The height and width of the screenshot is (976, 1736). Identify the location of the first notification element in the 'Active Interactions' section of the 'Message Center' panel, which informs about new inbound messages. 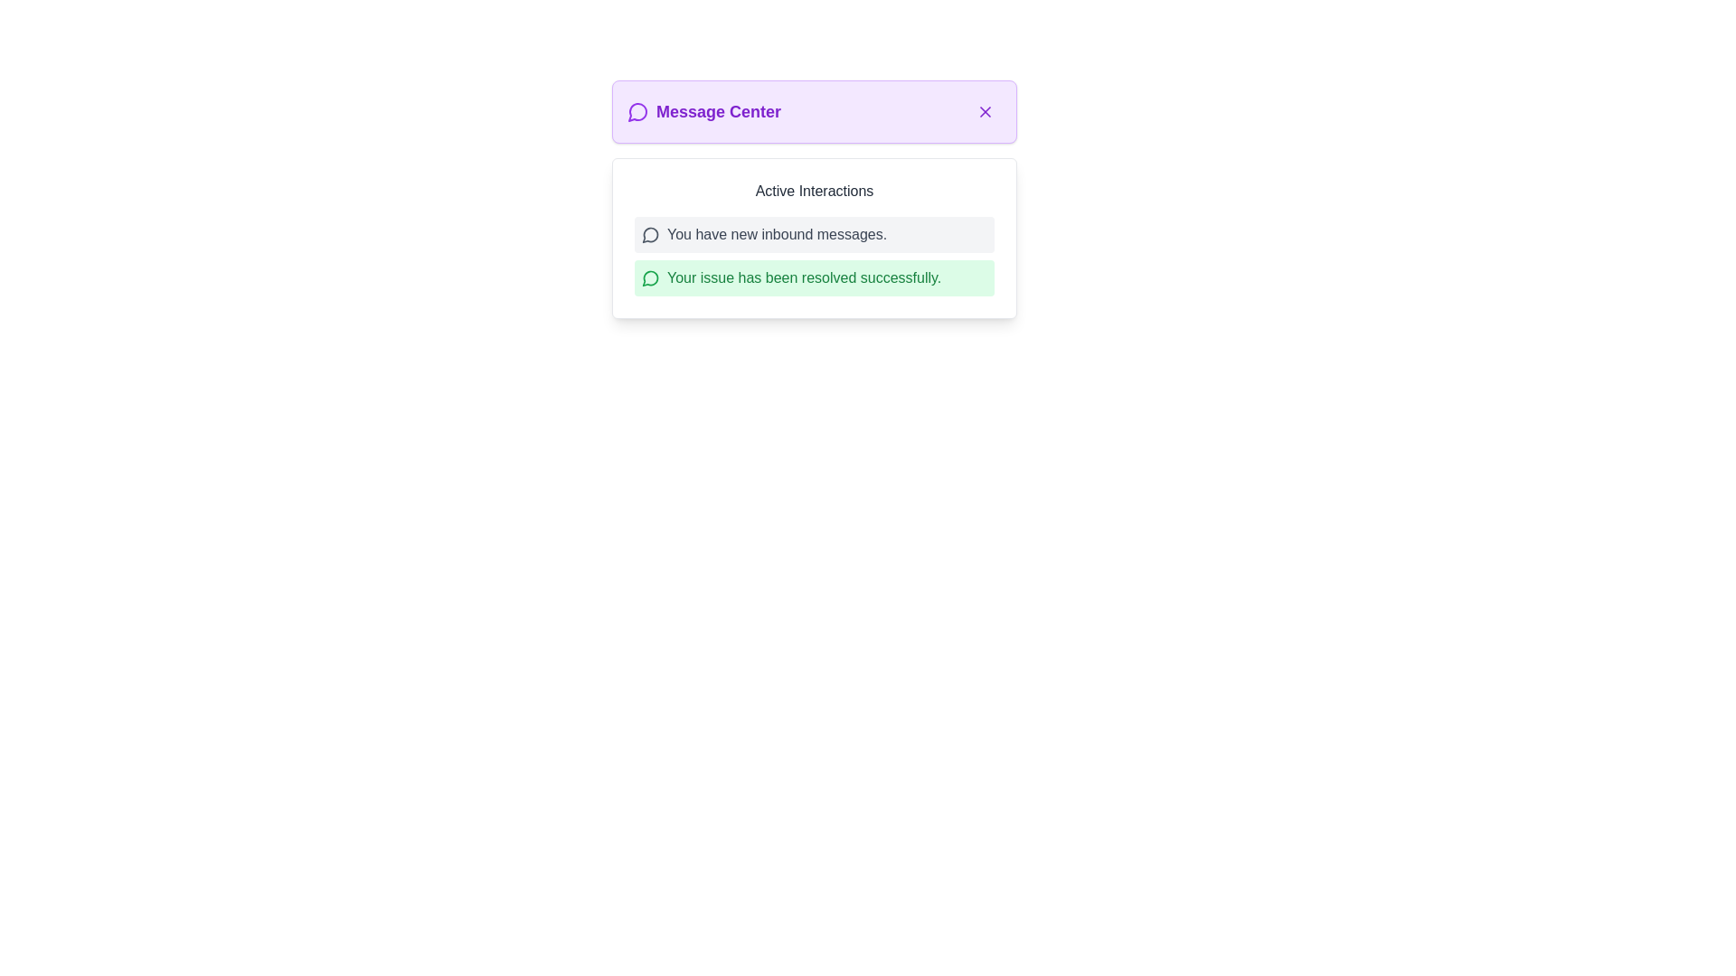
(814, 233).